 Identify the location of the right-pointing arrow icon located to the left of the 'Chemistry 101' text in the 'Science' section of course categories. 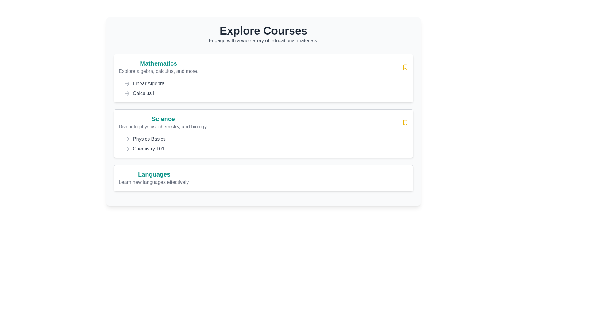
(127, 149).